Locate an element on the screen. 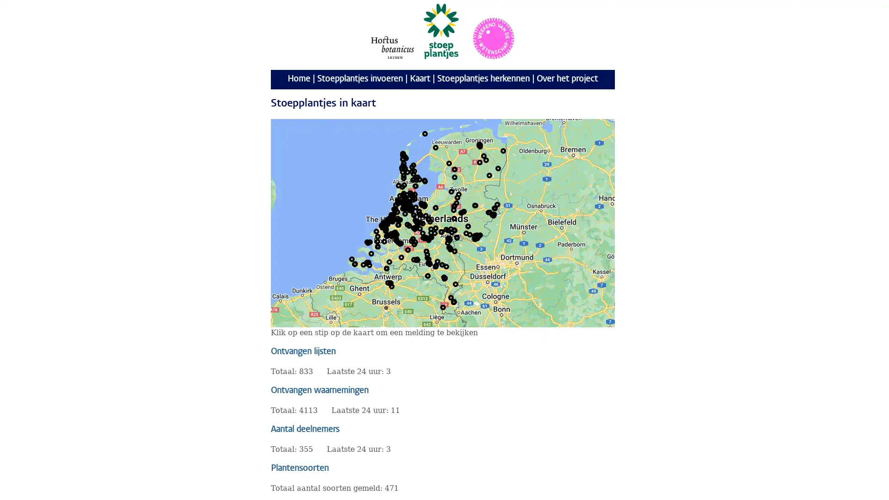  Telling van op 09 december 2021 is located at coordinates (415, 241).